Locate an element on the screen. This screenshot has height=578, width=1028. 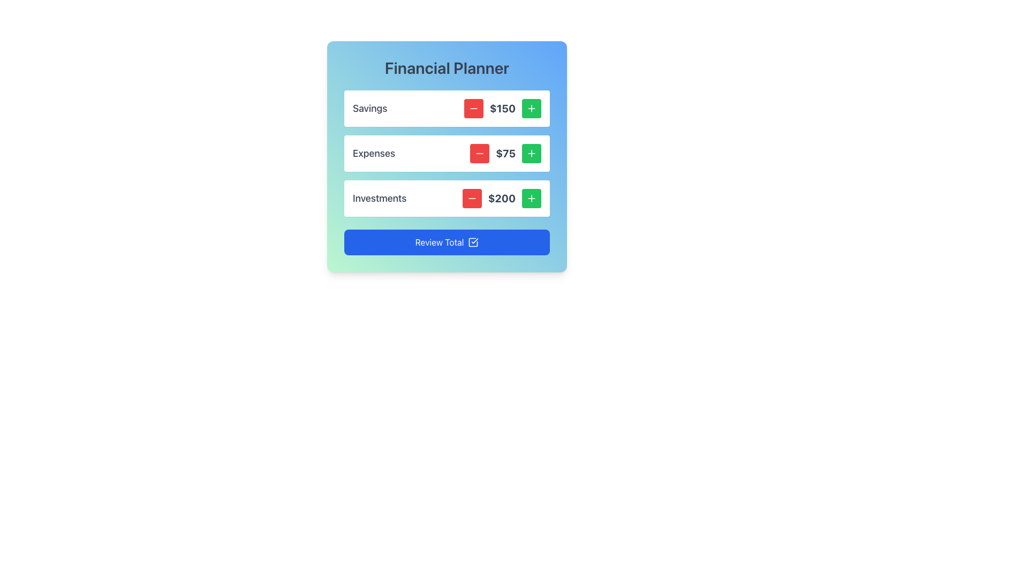
the bold text displaying '$75' which is located in the 'Expenses' section, positioned between a red subtract button and a green add button is located at coordinates (505, 153).